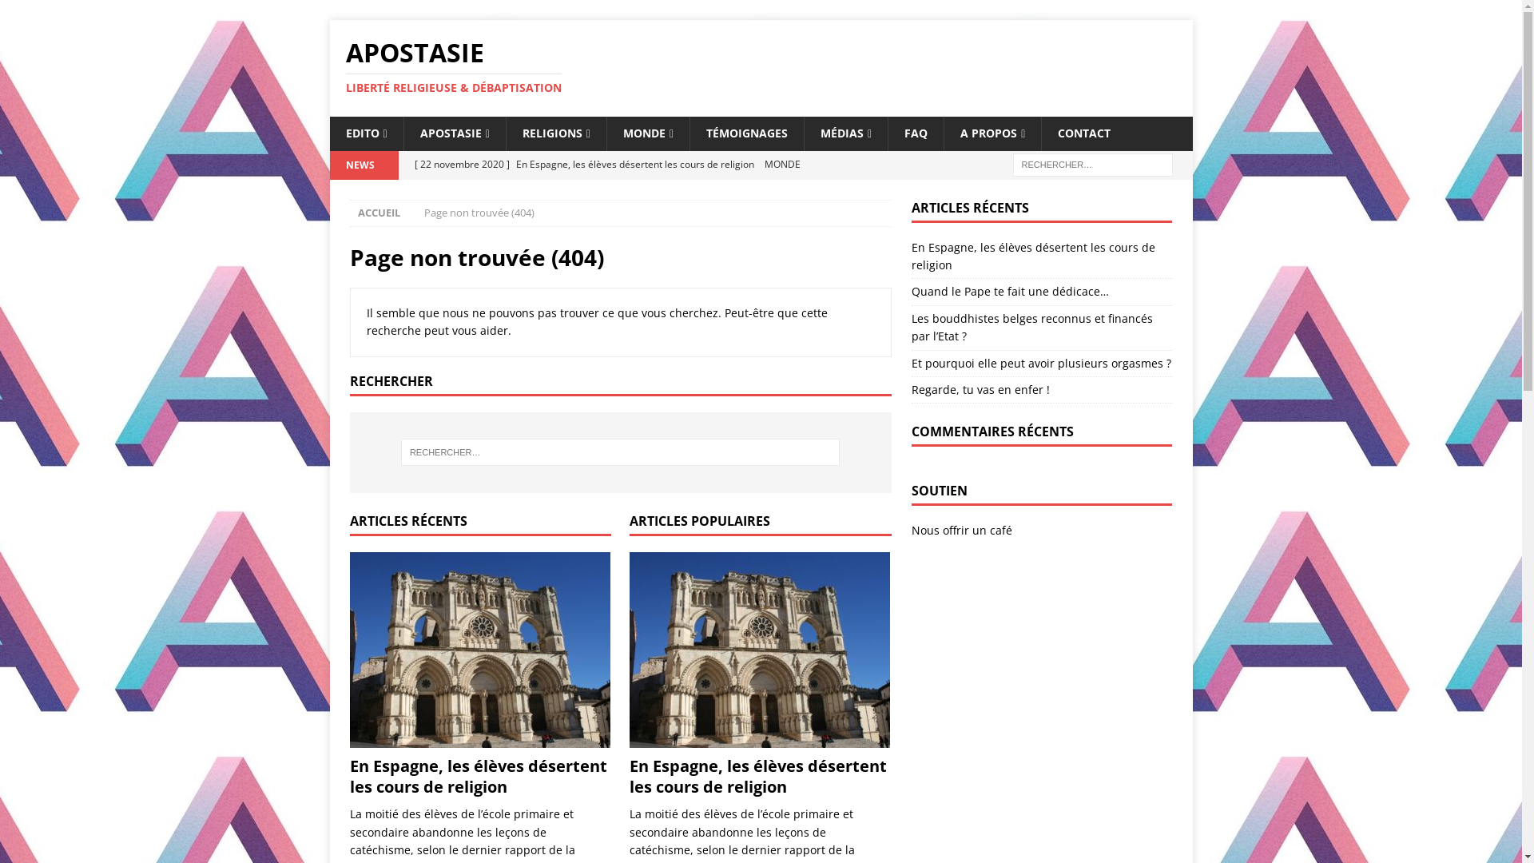 The width and height of the screenshot is (1534, 863). What do you see at coordinates (364, 132) in the screenshot?
I see `'EDITO'` at bounding box center [364, 132].